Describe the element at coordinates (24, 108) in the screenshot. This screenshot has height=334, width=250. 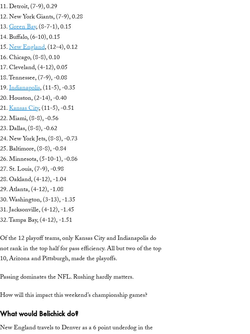
I see `'Kansas City'` at that location.